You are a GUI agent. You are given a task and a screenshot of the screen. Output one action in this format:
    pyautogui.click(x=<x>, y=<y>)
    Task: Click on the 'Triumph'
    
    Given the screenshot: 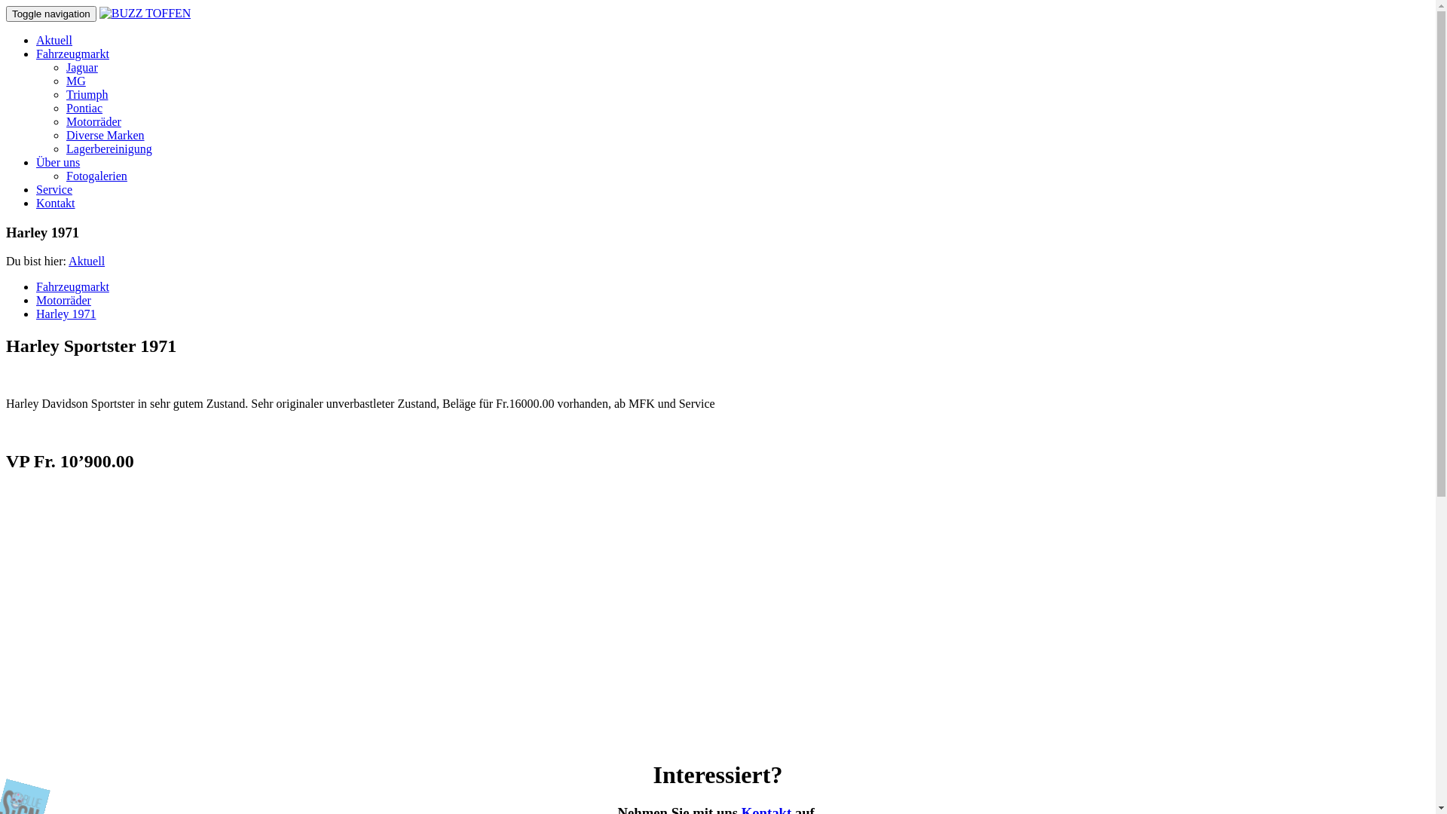 What is the action you would take?
    pyautogui.click(x=65, y=94)
    